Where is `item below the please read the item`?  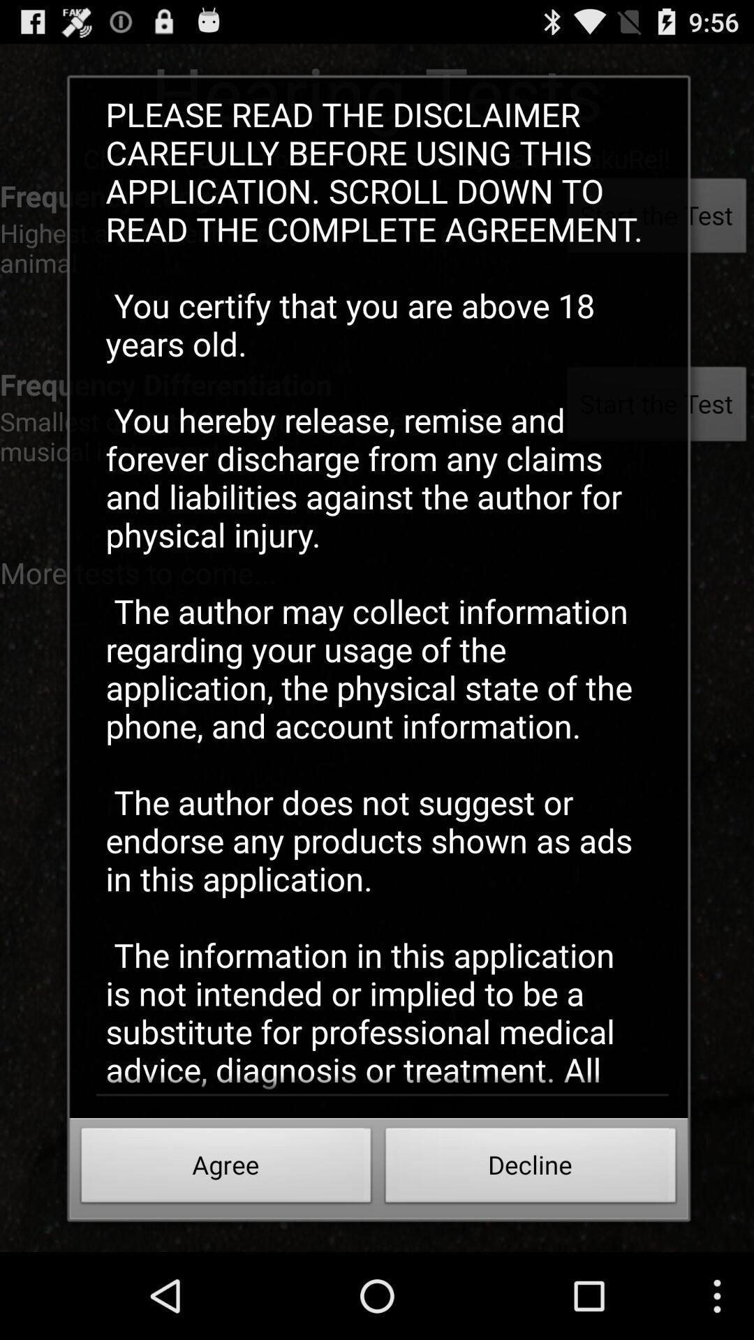 item below the please read the item is located at coordinates (226, 1169).